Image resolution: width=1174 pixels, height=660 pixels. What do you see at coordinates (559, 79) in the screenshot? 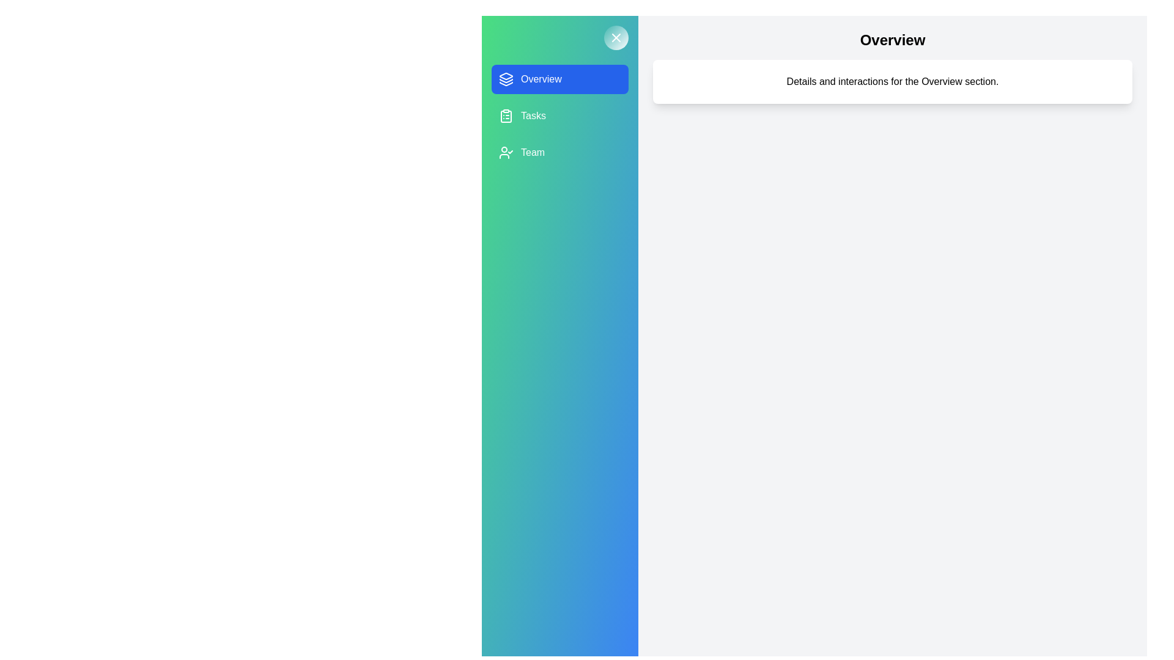
I see `the project Overview from the list` at bounding box center [559, 79].